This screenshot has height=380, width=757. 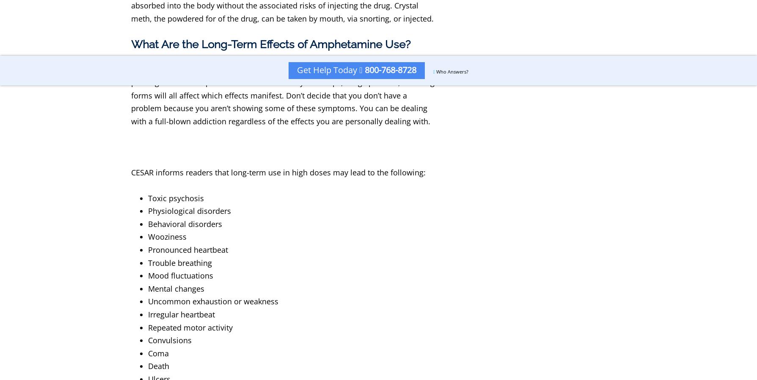 I want to click on 'Mental changes', so click(x=175, y=287).